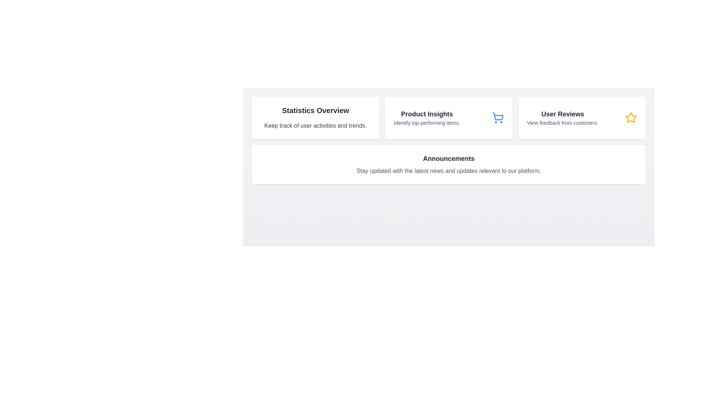  Describe the element at coordinates (448, 158) in the screenshot. I see `the Section Header titled 'Announcements', which serves as the title for the content below it` at that location.